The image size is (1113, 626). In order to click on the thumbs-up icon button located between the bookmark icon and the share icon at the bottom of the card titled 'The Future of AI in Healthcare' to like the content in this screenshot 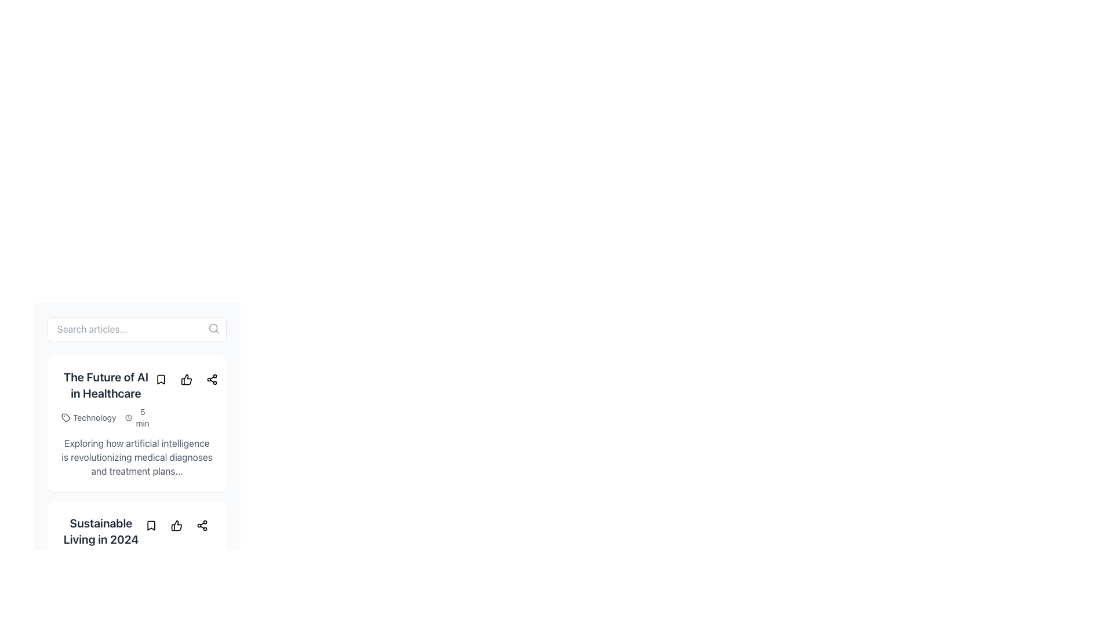, I will do `click(186, 380)`.